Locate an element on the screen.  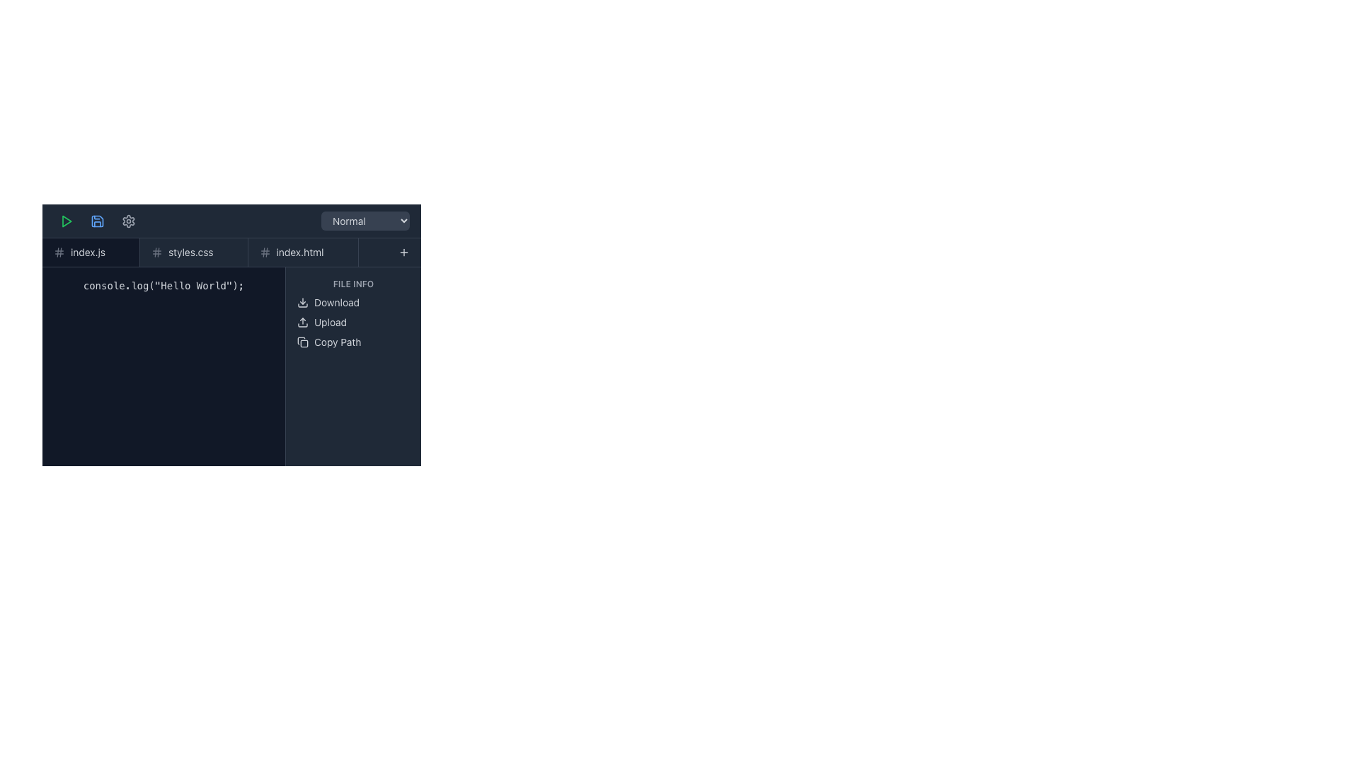
the 'FILE INFO' text label, which is displayed in small caps with a light gray font color on a dark background, located at the top of a vertical list in the right pane is located at coordinates (353, 284).